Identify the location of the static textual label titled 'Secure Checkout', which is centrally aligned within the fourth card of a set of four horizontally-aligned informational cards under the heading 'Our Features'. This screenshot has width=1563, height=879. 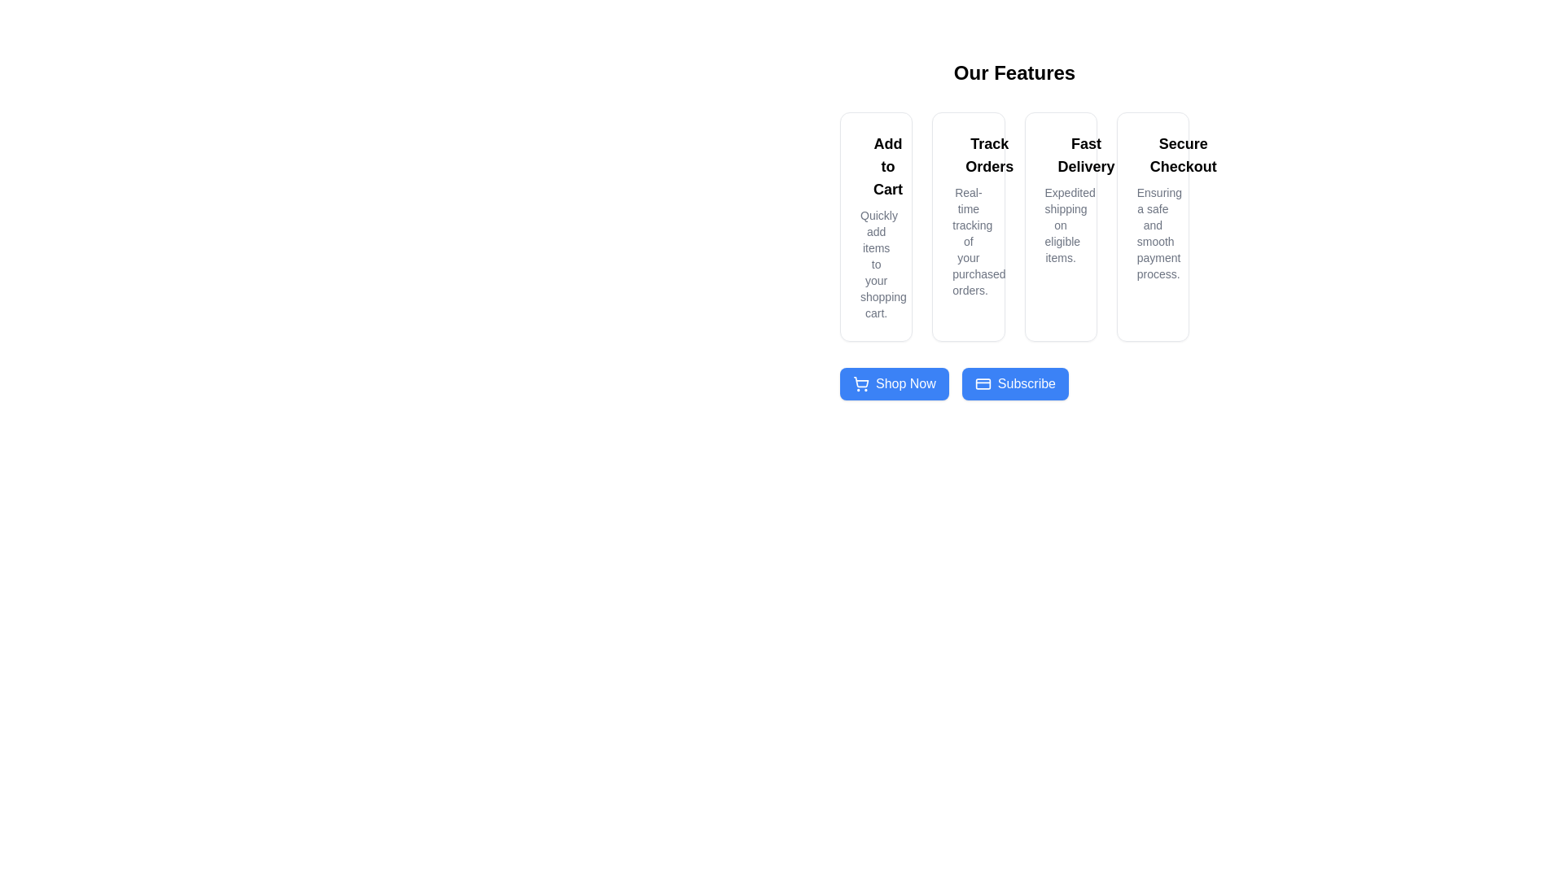
(1183, 155).